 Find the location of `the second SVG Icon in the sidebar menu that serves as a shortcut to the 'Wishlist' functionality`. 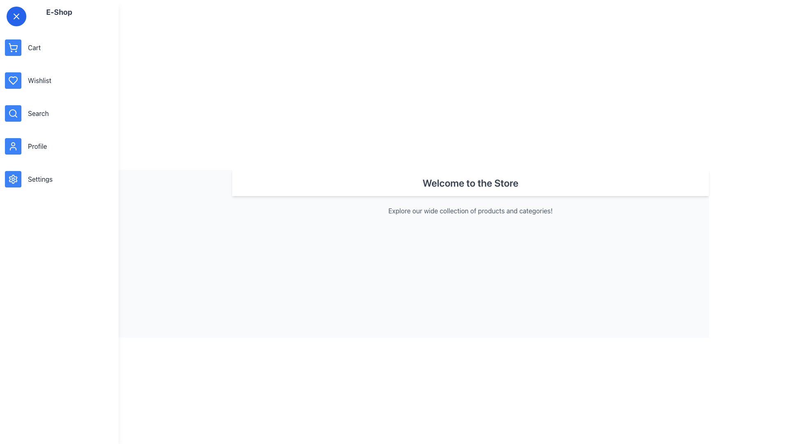

the second SVG Icon in the sidebar menu that serves as a shortcut to the 'Wishlist' functionality is located at coordinates (13, 81).